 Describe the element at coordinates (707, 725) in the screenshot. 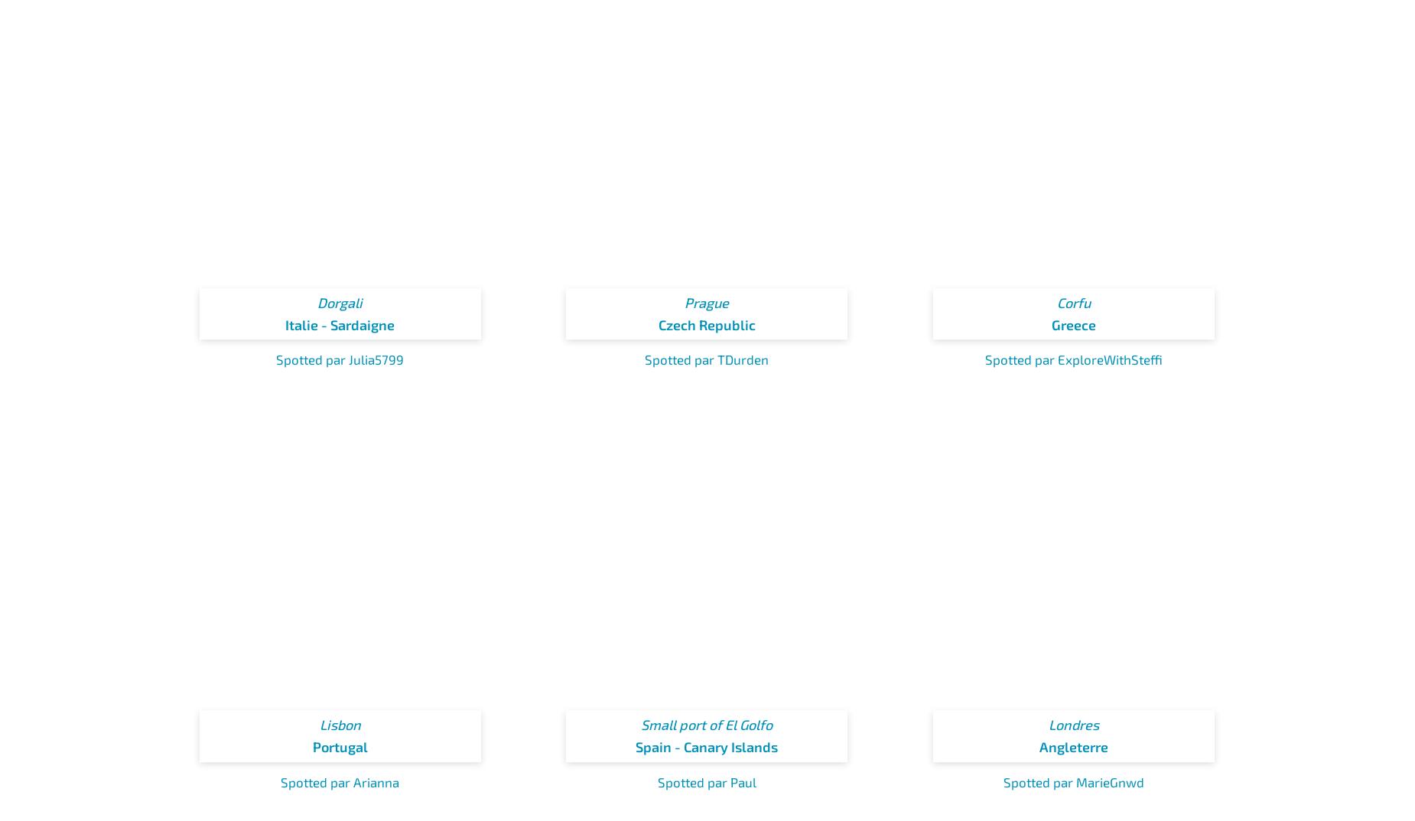

I see `'Small port of El Golfo'` at that location.